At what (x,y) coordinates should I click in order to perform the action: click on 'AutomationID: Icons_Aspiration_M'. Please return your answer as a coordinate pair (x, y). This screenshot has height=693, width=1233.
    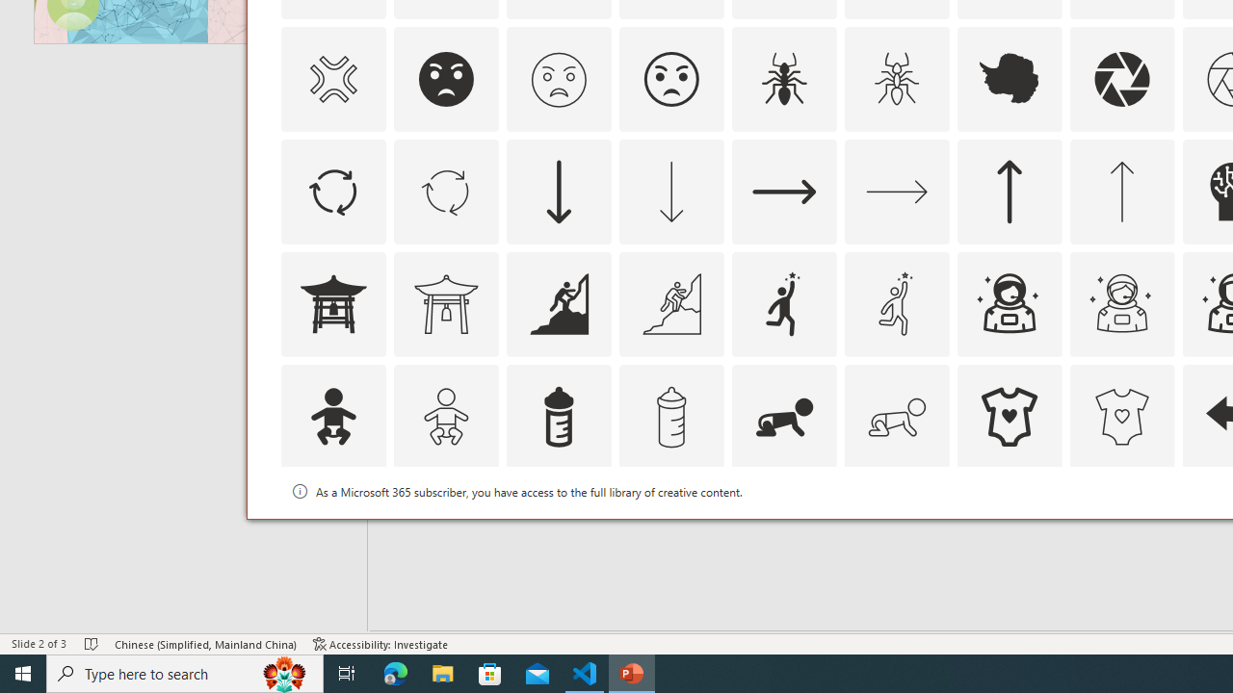
    Looking at the image, I should click on (670, 303).